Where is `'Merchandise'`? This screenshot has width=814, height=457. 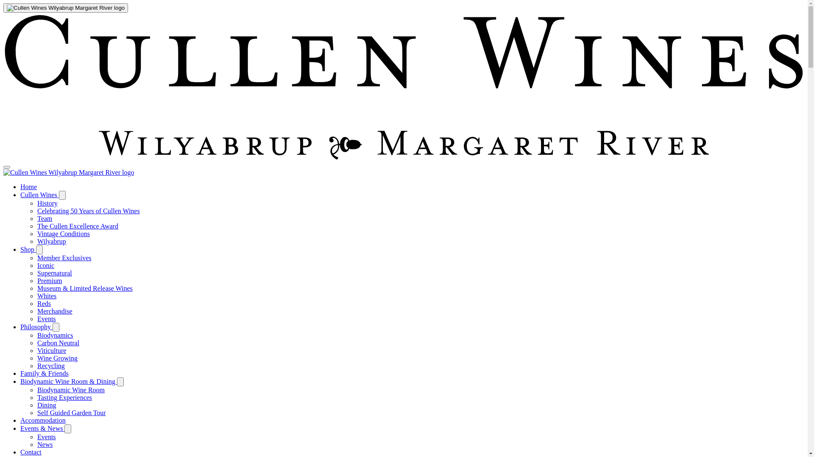 'Merchandise' is located at coordinates (54, 311).